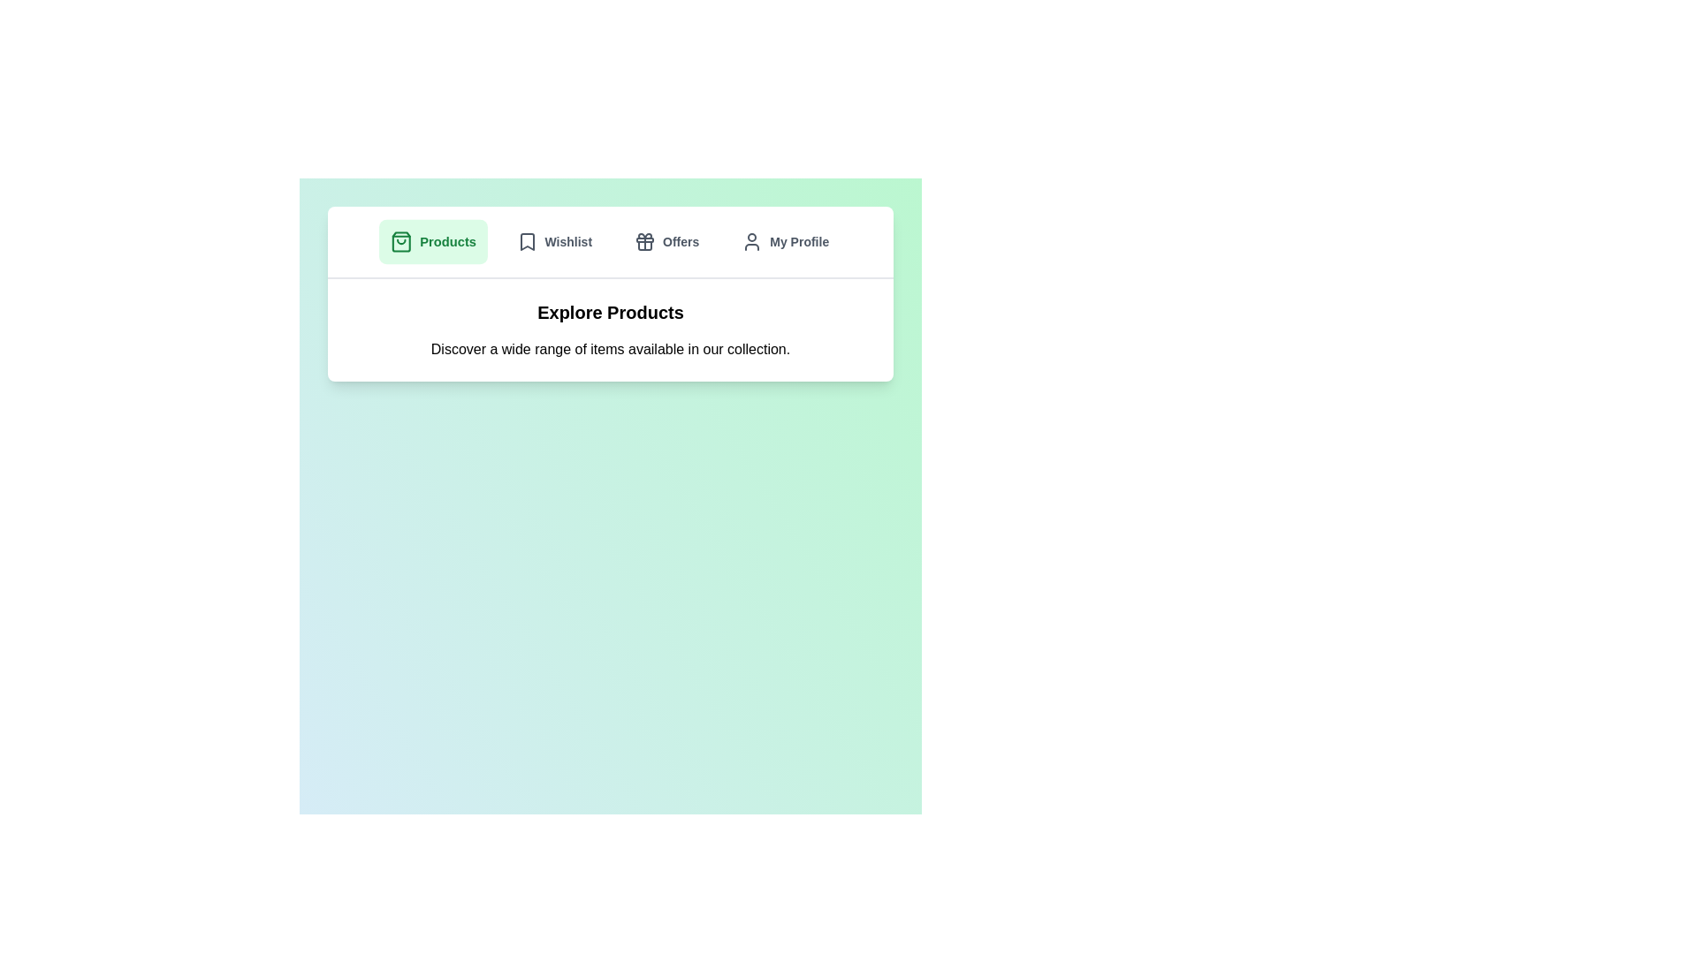 The height and width of the screenshot is (954, 1697). Describe the element at coordinates (643, 240) in the screenshot. I see `the decorative rectangular block with rounded corners that is part of the gift icon located in the top navigation bar` at that location.